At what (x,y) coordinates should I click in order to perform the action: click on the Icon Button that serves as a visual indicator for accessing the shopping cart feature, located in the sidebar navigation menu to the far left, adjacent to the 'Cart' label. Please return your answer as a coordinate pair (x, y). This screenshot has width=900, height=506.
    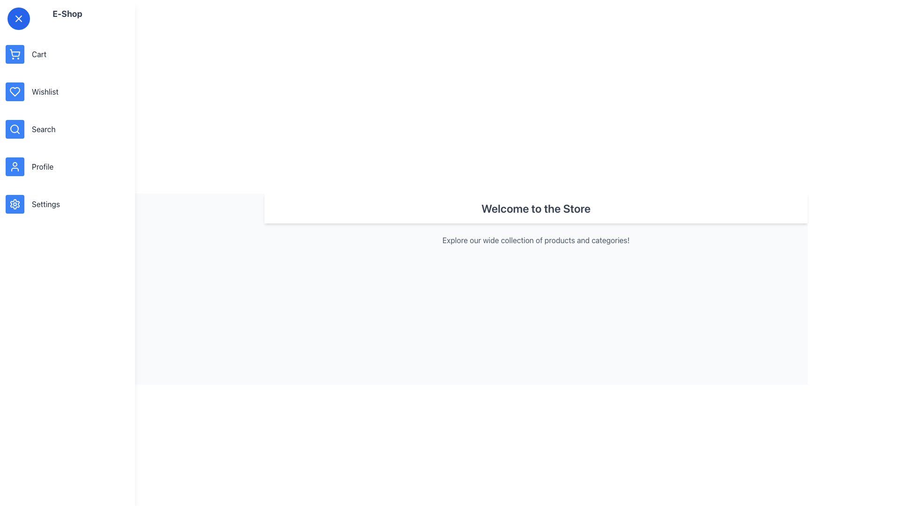
    Looking at the image, I should click on (15, 54).